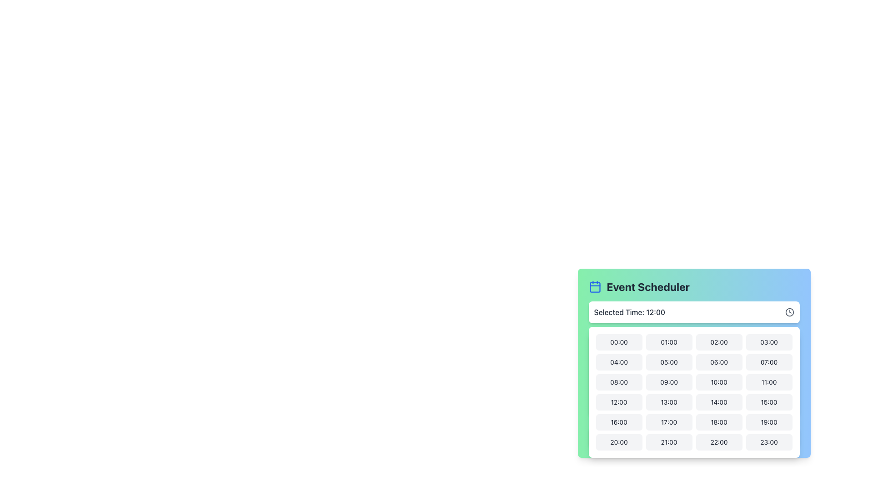 The width and height of the screenshot is (873, 491). What do you see at coordinates (718, 362) in the screenshot?
I see `the button that allows users to select the time 06:00 in the 'Event Scheduler' widget` at bounding box center [718, 362].